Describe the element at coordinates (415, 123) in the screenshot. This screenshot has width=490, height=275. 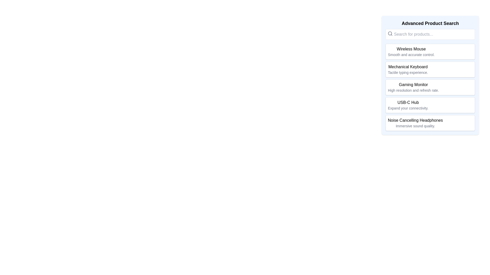
I see `the last item in the vertical list within the 'Advanced Product Search' sidebar section` at that location.